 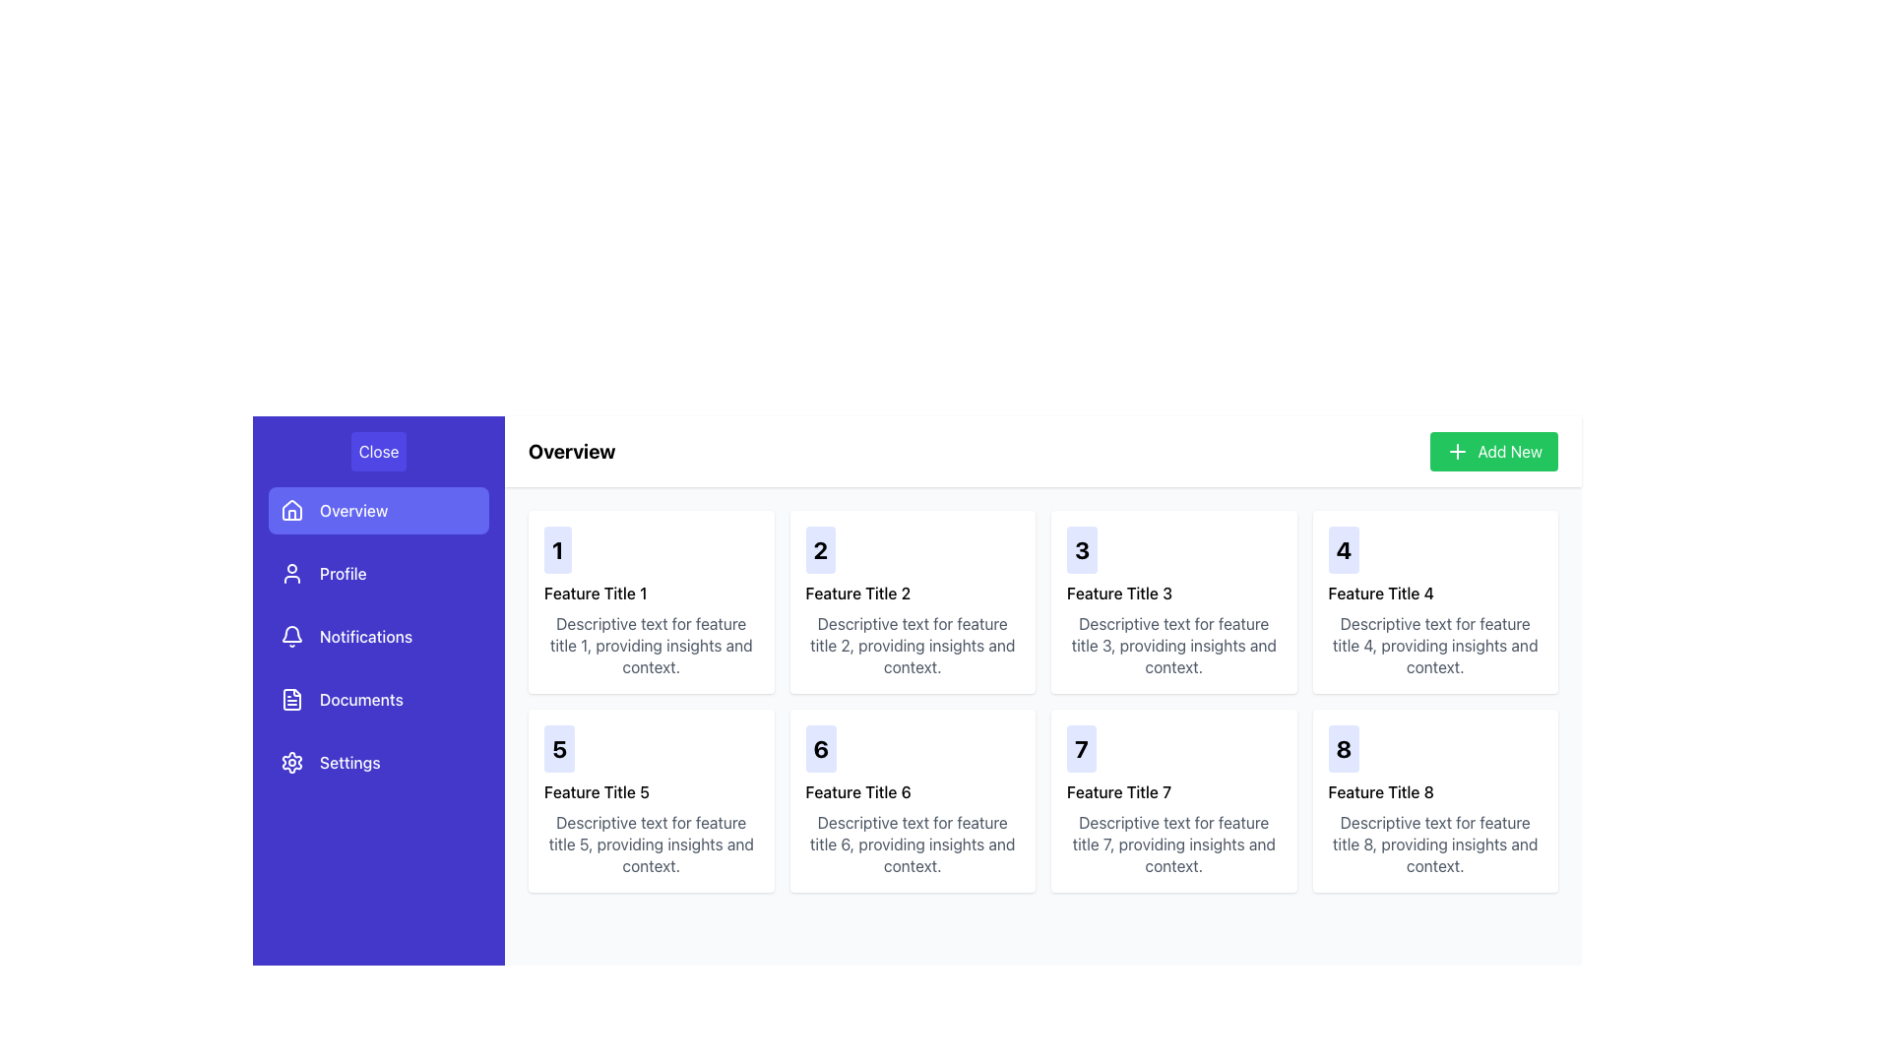 What do you see at coordinates (1343, 748) in the screenshot?
I see `the static text label that identifies and labels the card for 'Feature Title 8', located at the top-left corner of the card` at bounding box center [1343, 748].